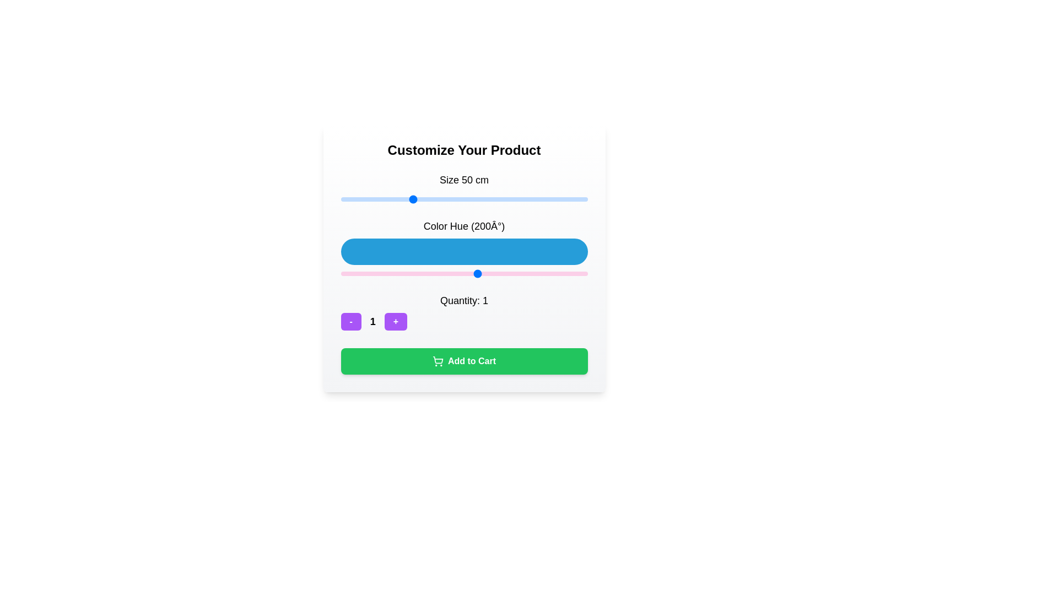 This screenshot has height=595, width=1058. Describe the element at coordinates (464, 199) in the screenshot. I see `the size` at that location.